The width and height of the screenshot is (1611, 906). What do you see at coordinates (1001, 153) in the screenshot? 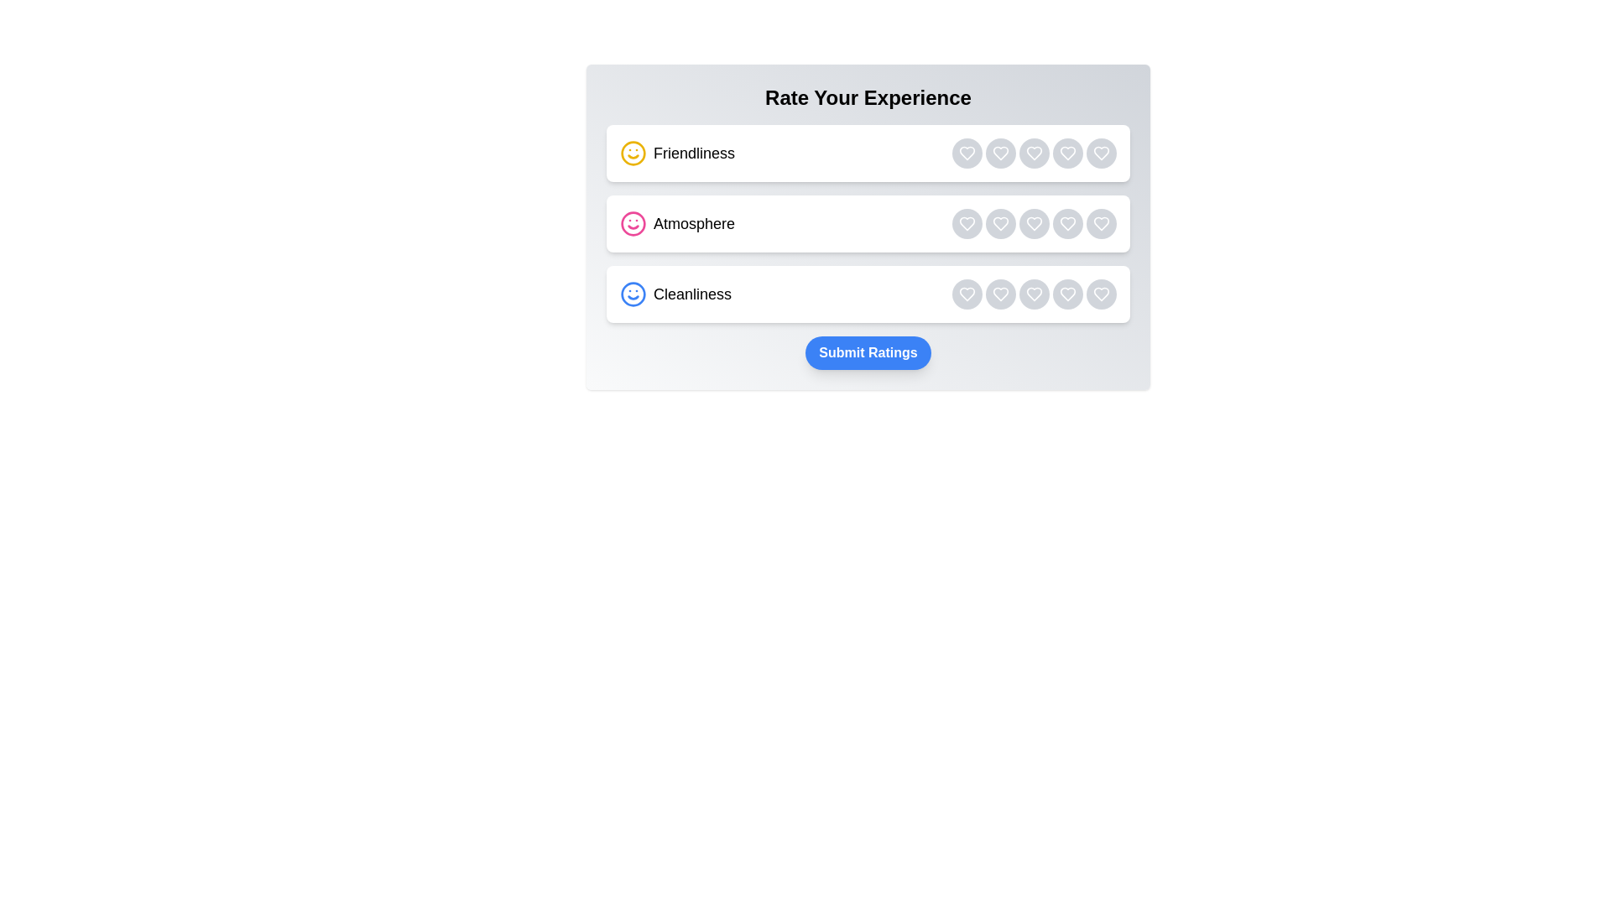
I see `the rating button for category Friendliness with rating 2` at bounding box center [1001, 153].